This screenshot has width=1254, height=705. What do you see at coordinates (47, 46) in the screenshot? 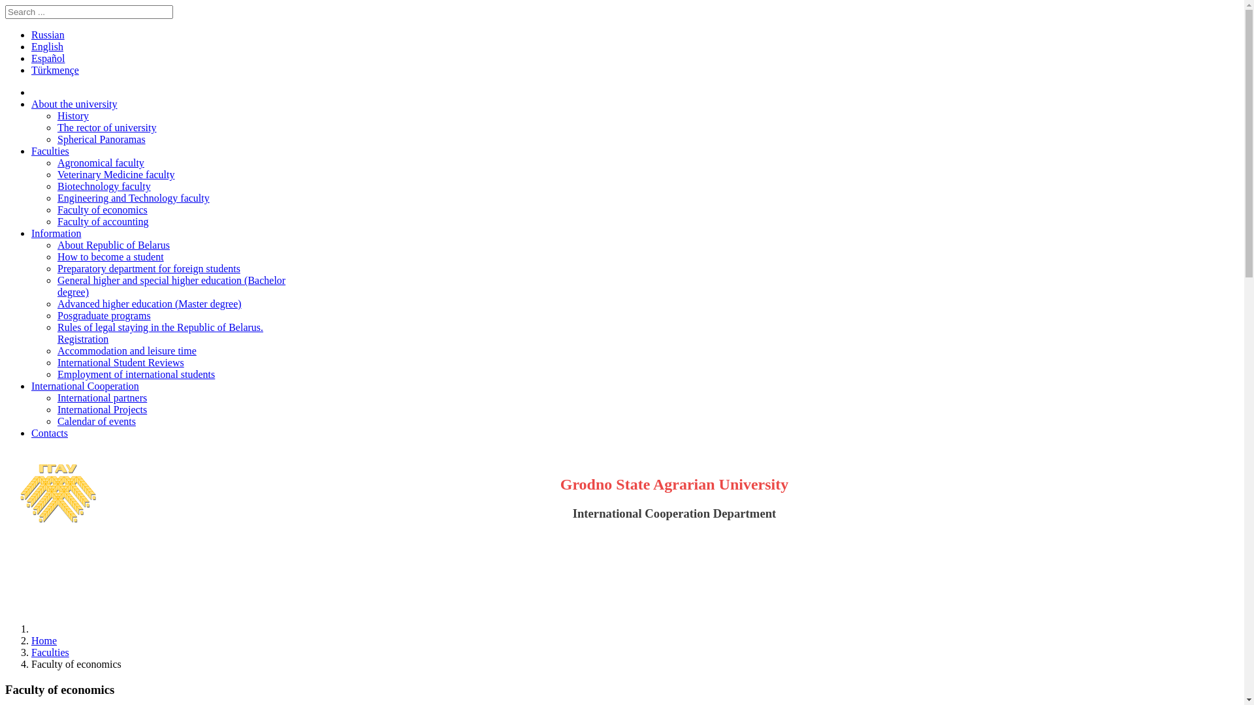
I see `'English'` at bounding box center [47, 46].